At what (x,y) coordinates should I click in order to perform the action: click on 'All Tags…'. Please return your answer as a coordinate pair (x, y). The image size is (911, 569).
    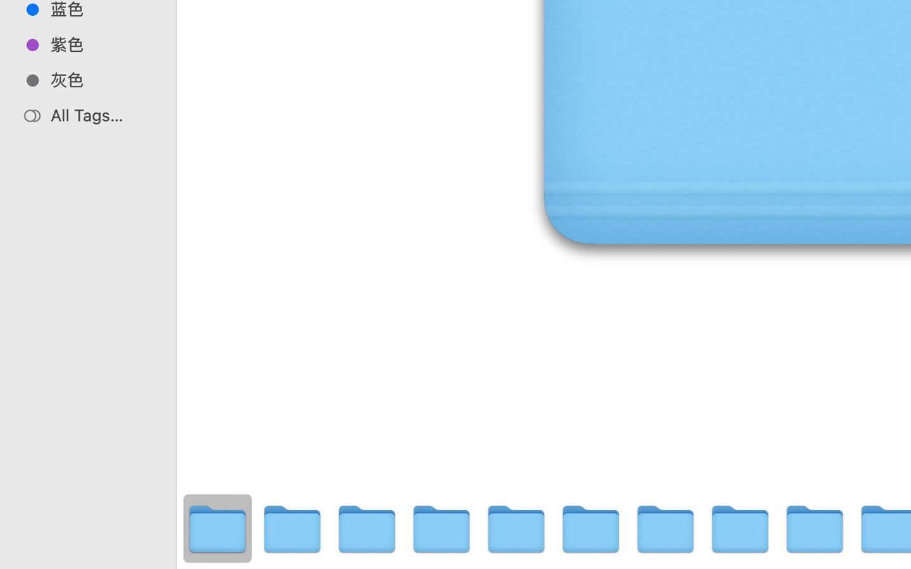
    Looking at the image, I should click on (101, 114).